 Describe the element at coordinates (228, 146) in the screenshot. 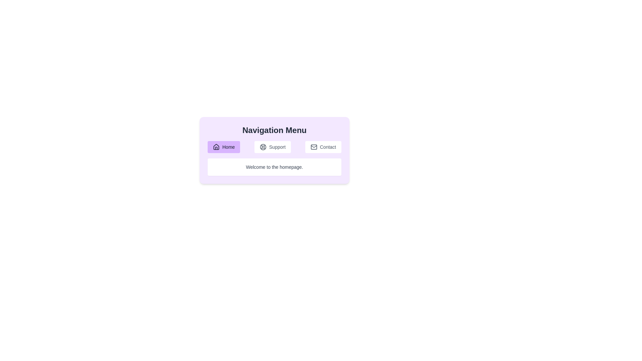

I see `the 'Home' label which is part of a button-like interface with a purple background, located to the right of a house icon, serving as a navigation button` at that location.